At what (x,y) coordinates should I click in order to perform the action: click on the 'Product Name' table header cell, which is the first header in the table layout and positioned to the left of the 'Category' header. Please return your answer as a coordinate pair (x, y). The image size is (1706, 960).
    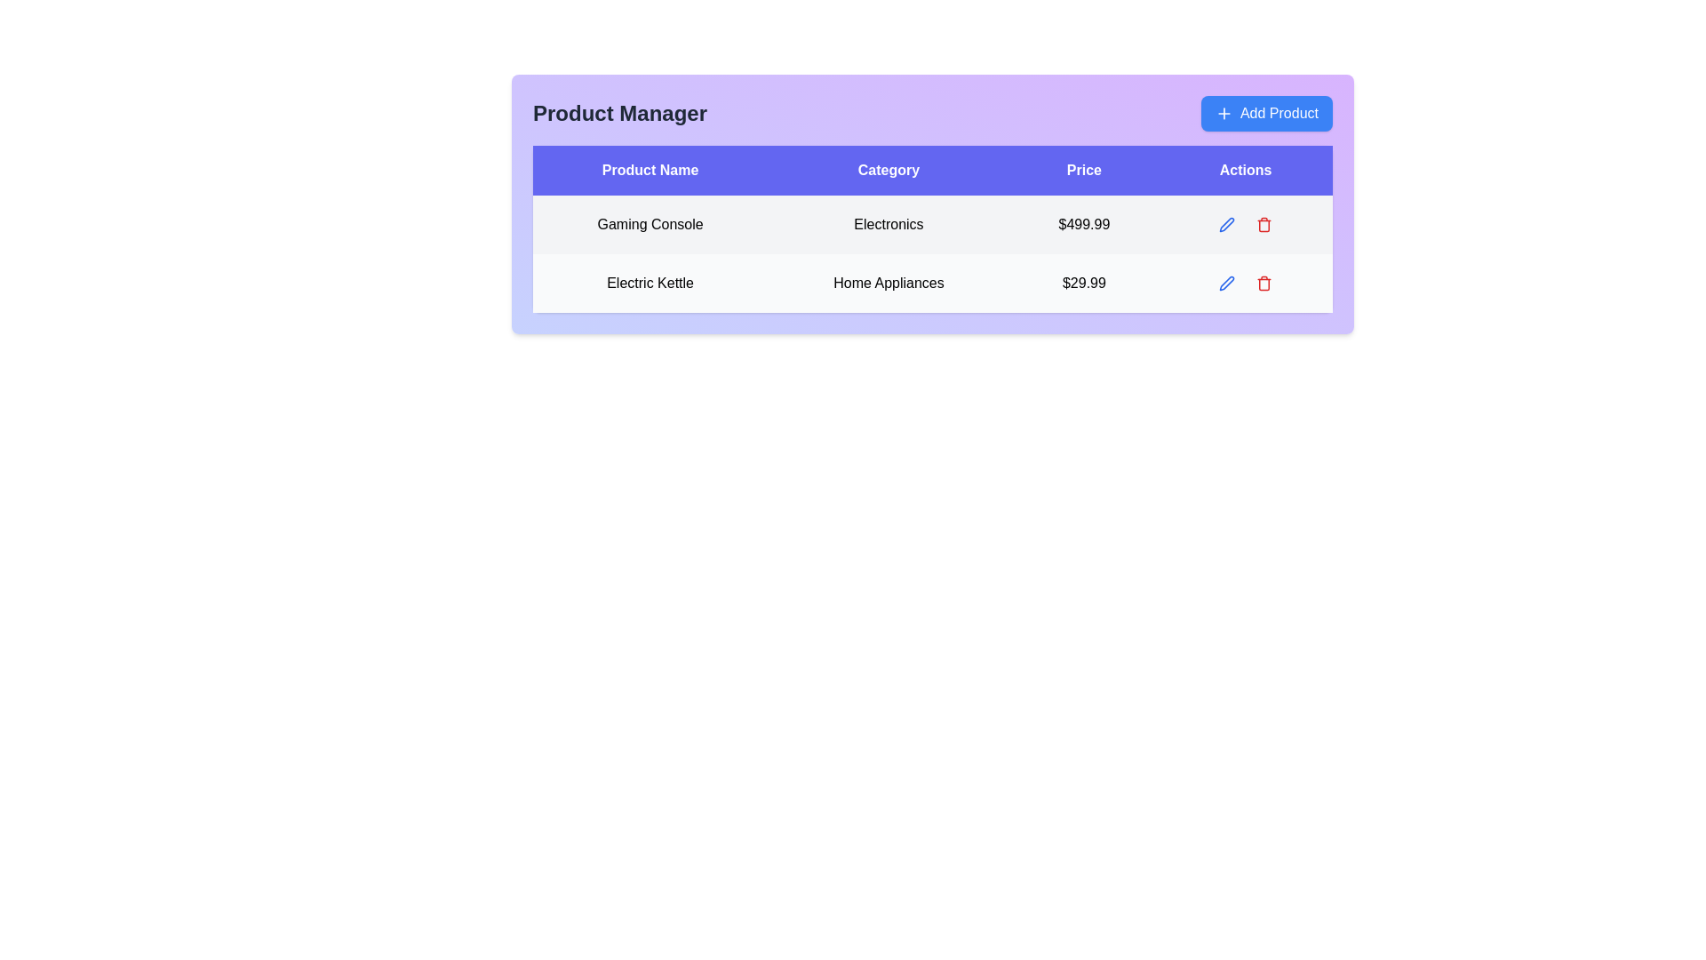
    Looking at the image, I should click on (650, 171).